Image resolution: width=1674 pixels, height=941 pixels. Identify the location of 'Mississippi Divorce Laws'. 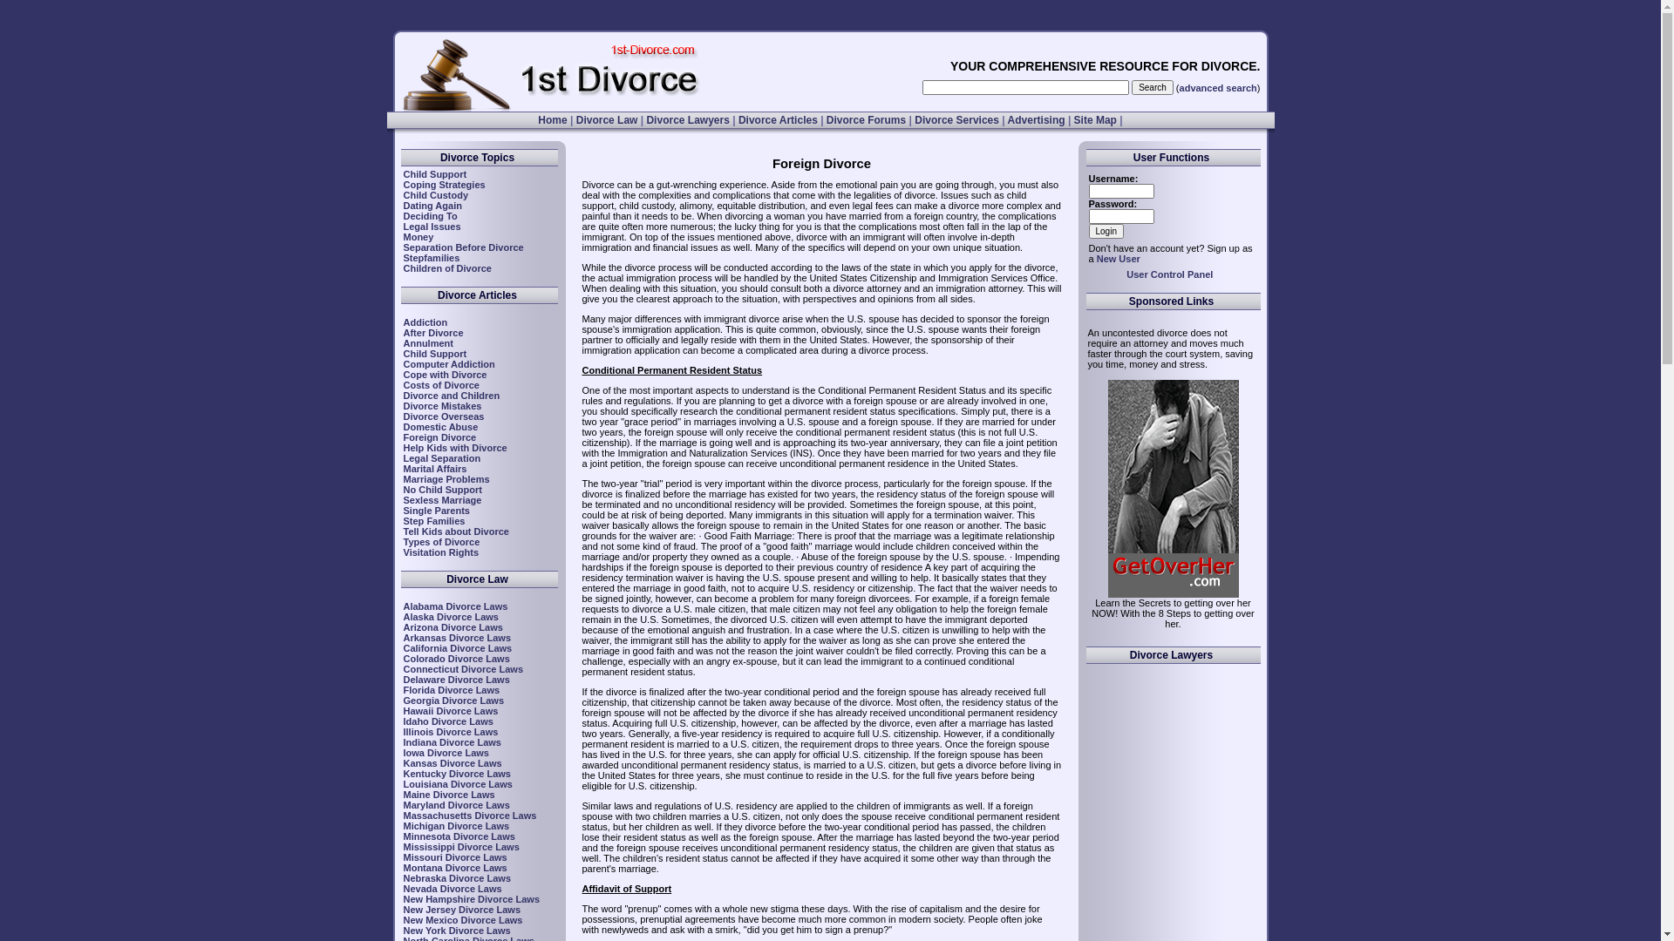
(460, 846).